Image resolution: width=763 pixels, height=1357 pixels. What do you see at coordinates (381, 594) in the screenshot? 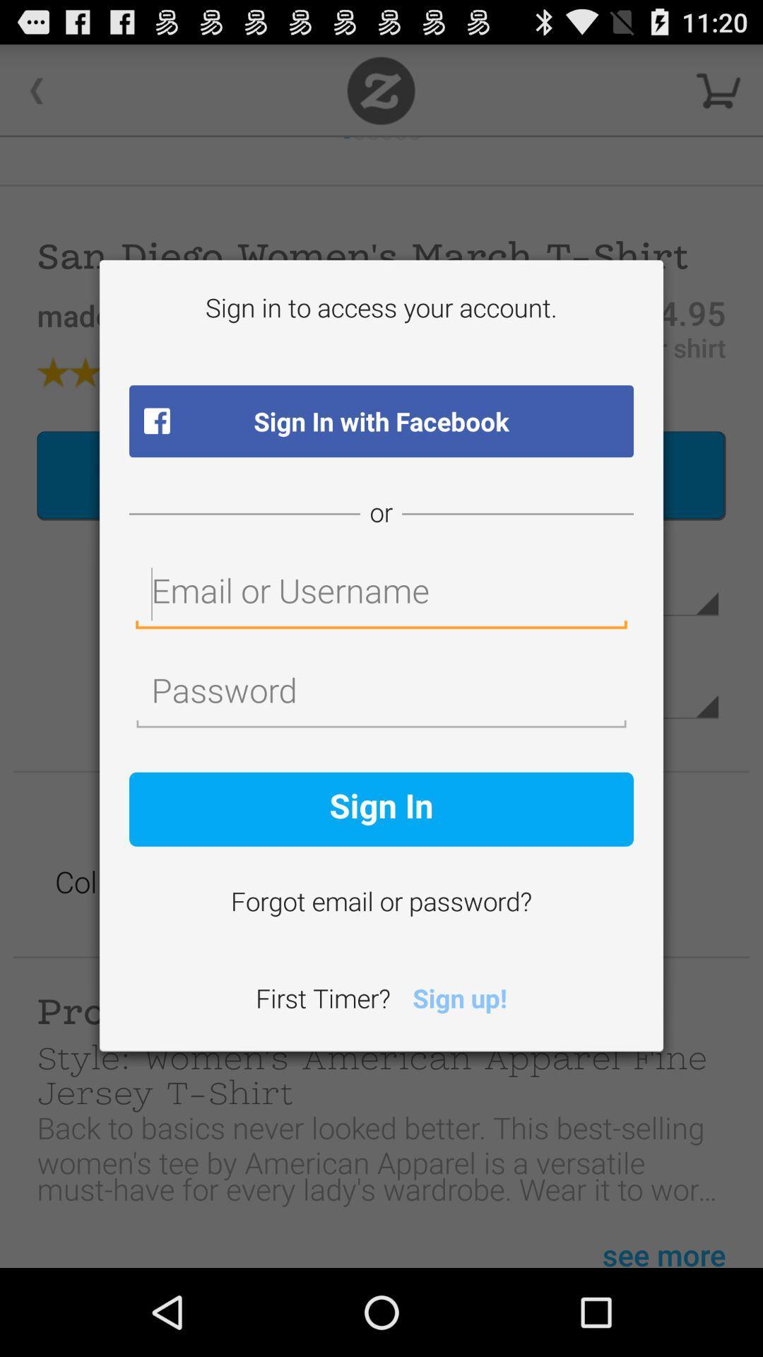
I see `area to enter your email or username` at bounding box center [381, 594].